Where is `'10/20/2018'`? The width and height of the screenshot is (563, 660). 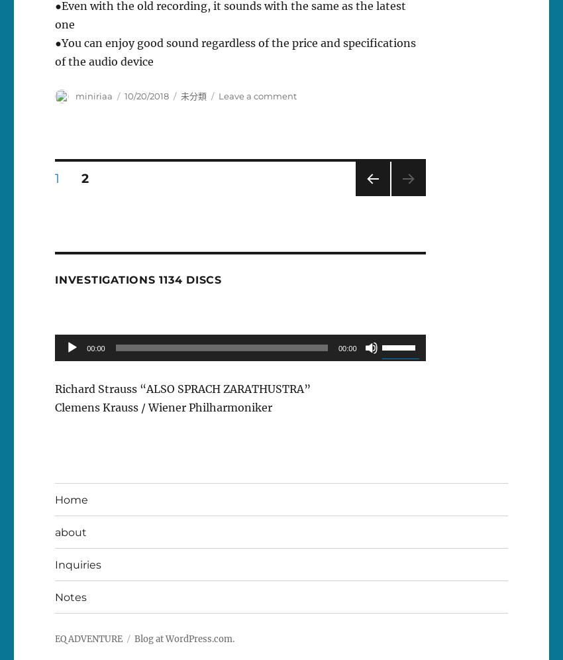 '10/20/2018' is located at coordinates (146, 95).